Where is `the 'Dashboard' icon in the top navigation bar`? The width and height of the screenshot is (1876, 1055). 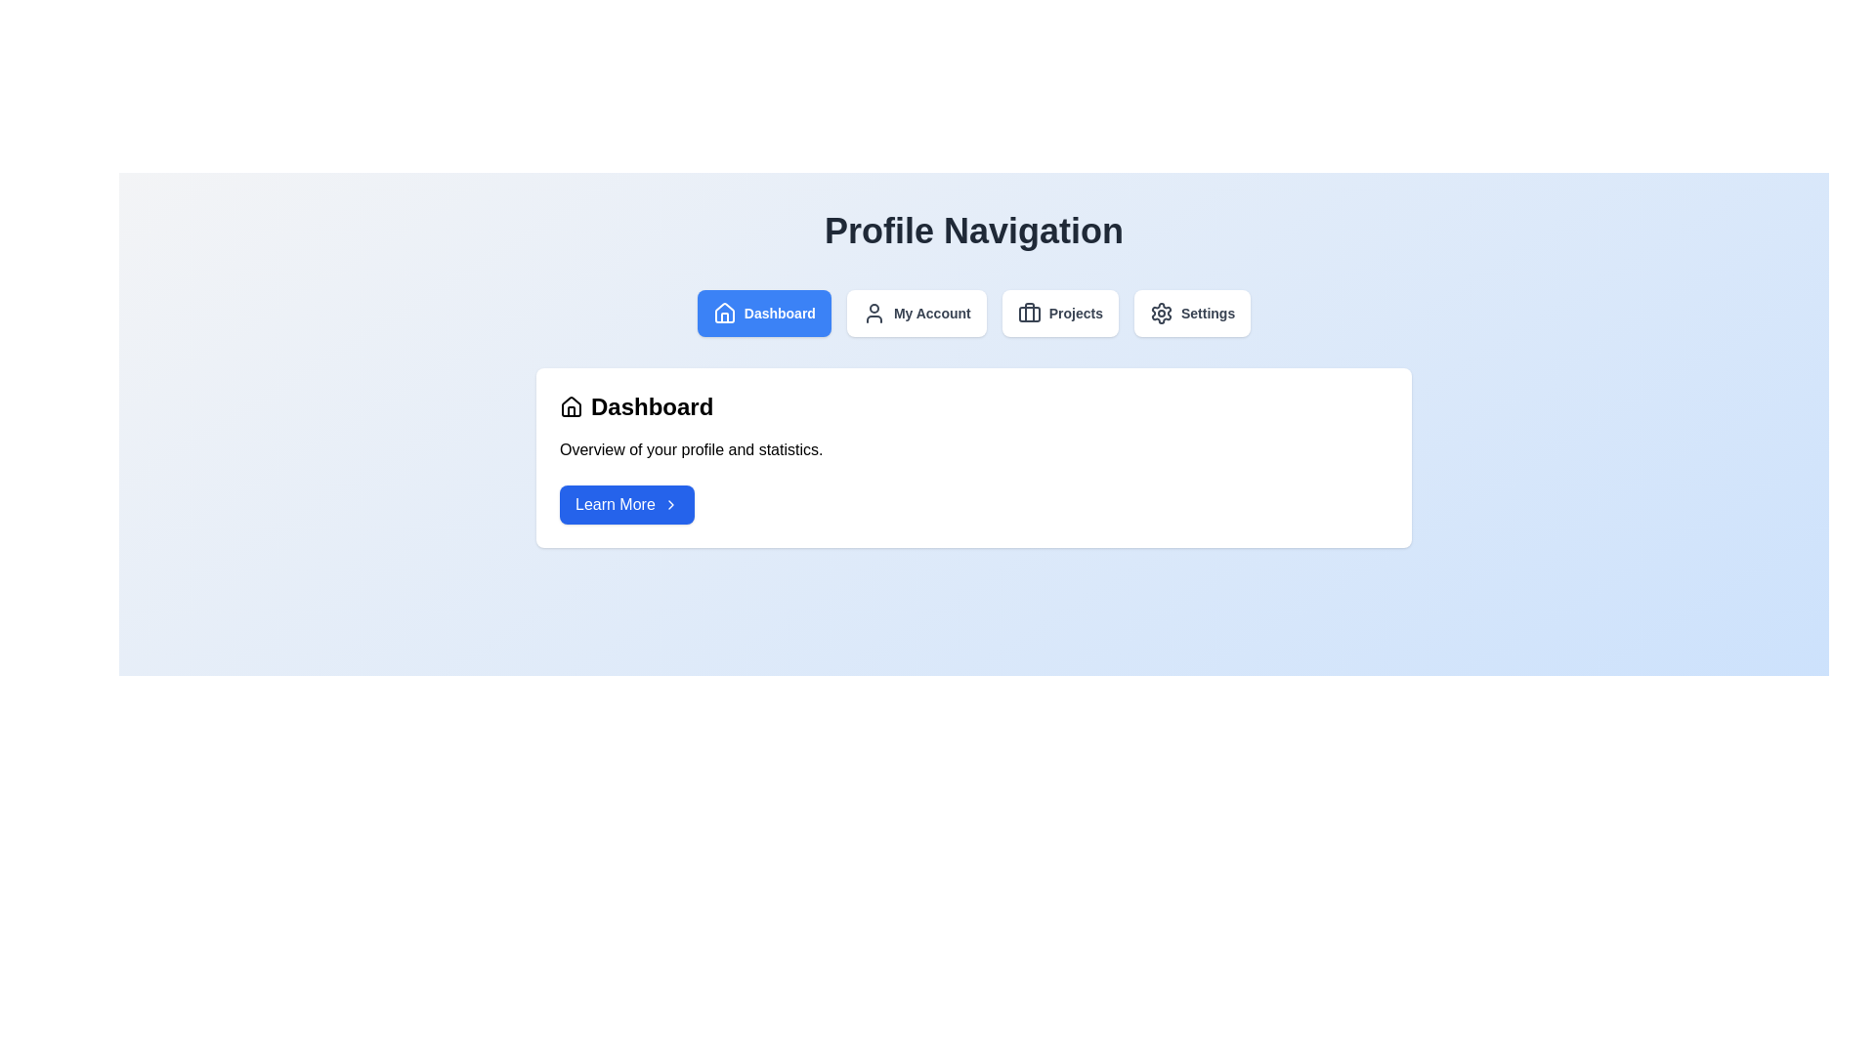
the 'Dashboard' icon in the top navigation bar is located at coordinates (571, 405).